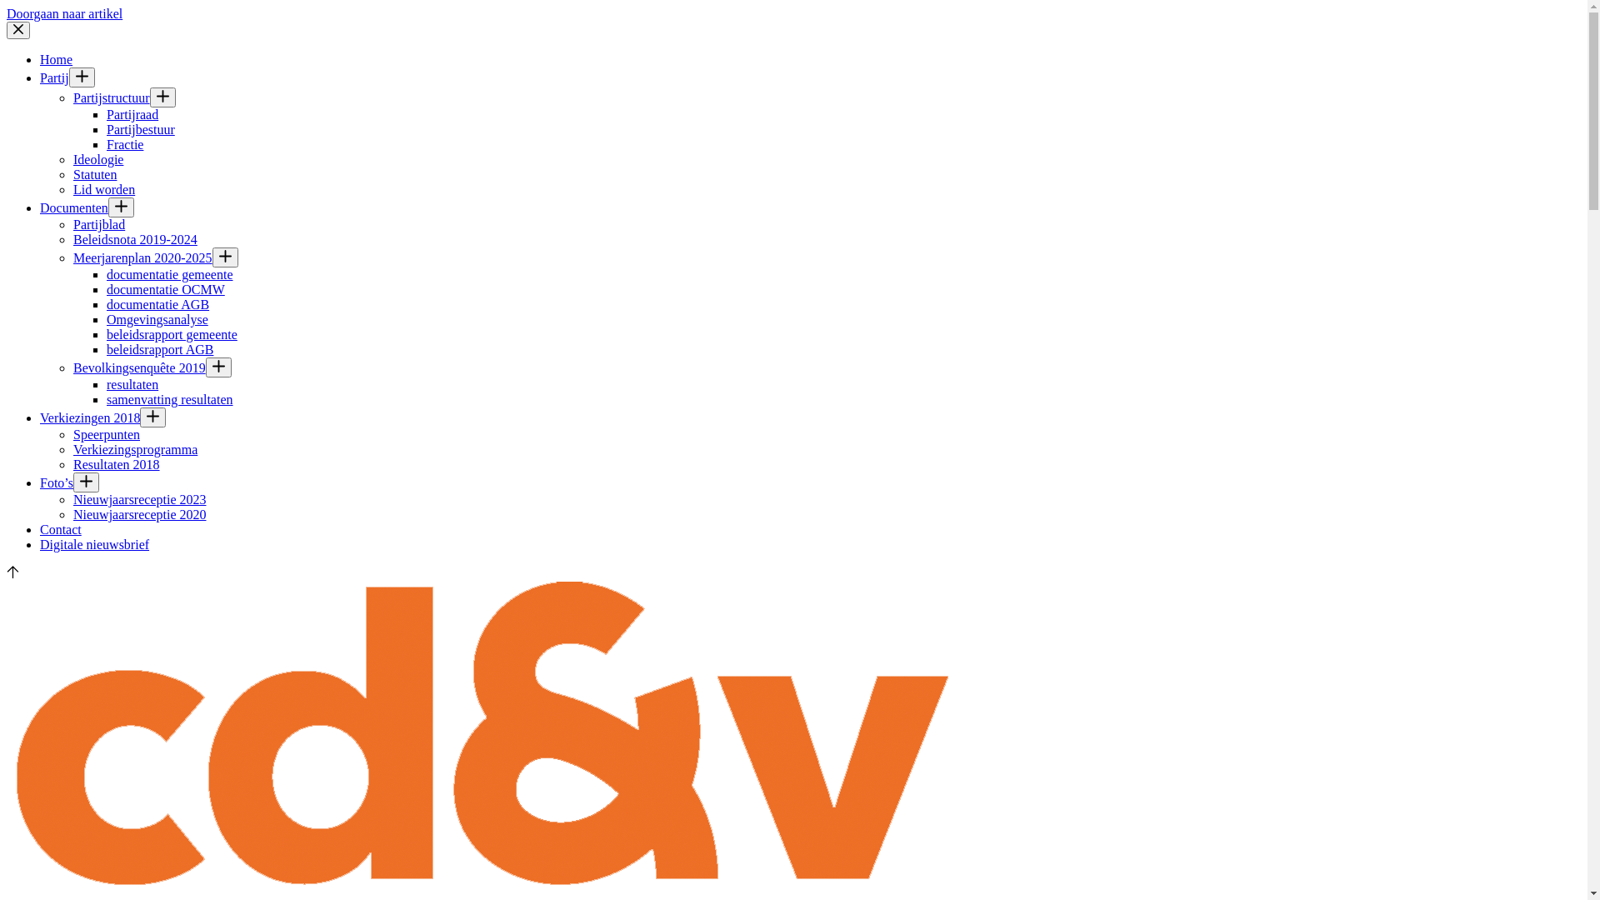  Describe the element at coordinates (72, 257) in the screenshot. I see `'Meerjarenplan 2020-2025'` at that location.